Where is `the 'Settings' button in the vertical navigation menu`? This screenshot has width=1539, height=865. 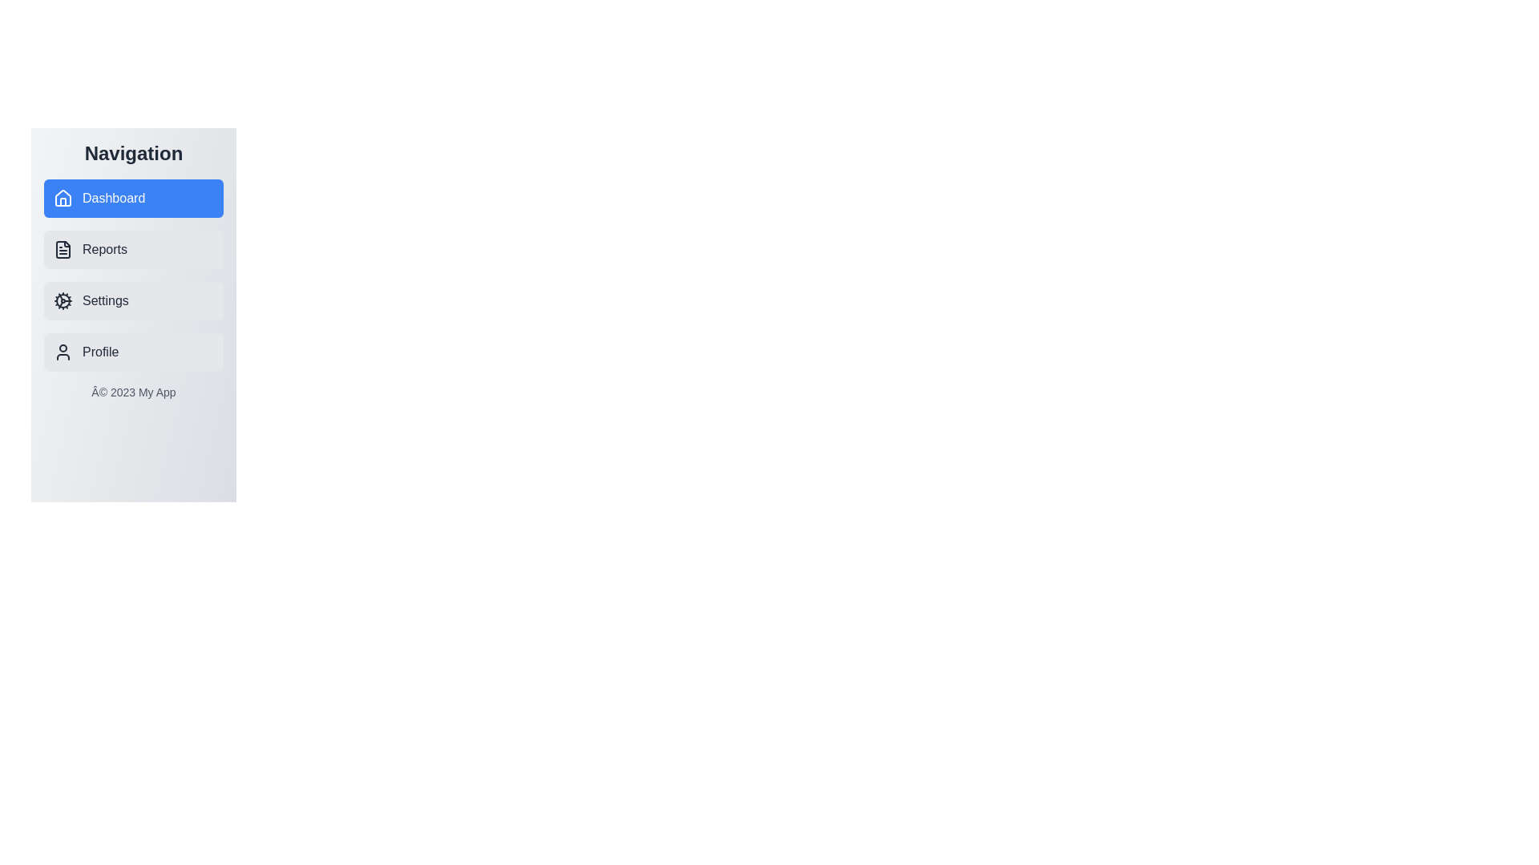
the 'Settings' button in the vertical navigation menu is located at coordinates (134, 300).